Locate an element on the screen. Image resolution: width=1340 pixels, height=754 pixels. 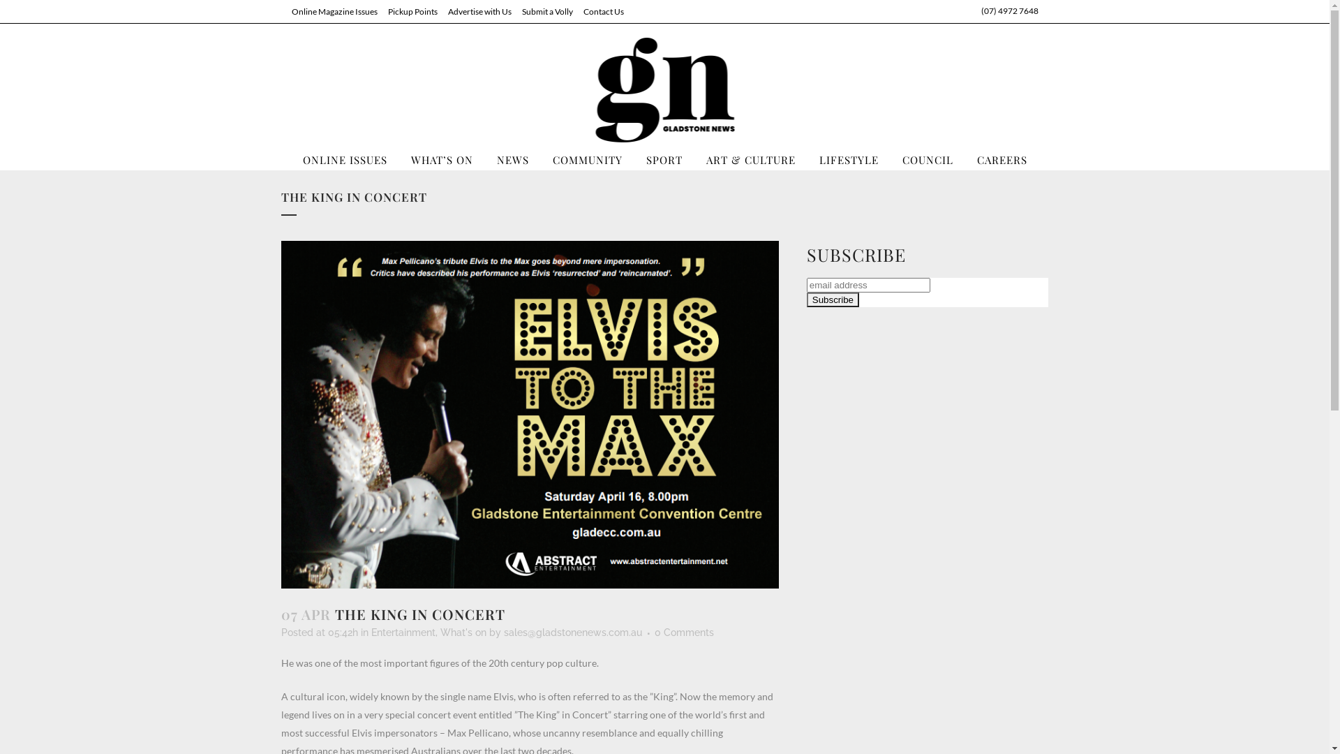
'ONLINE ISSUES' is located at coordinates (344, 158).